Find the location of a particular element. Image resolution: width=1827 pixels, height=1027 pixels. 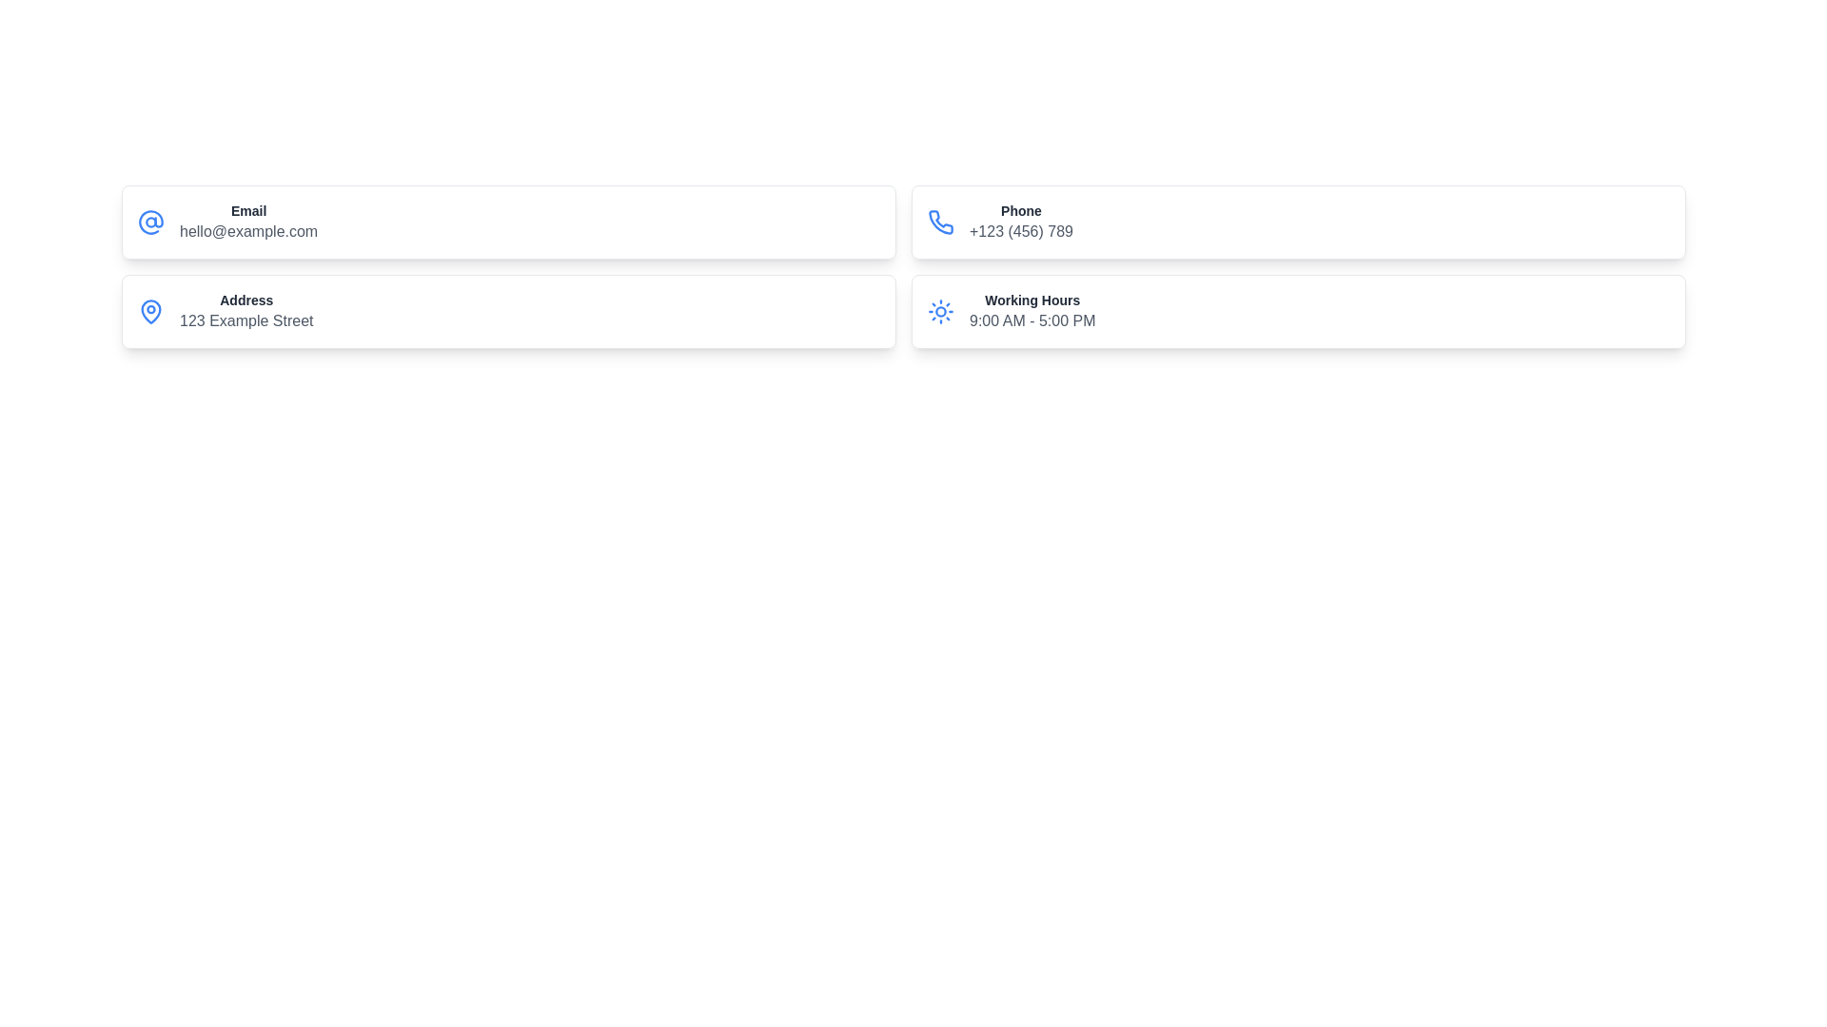

the email address text display located in the upper-left quadrant of the layout, above the 'Address' item is located at coordinates (247, 222).